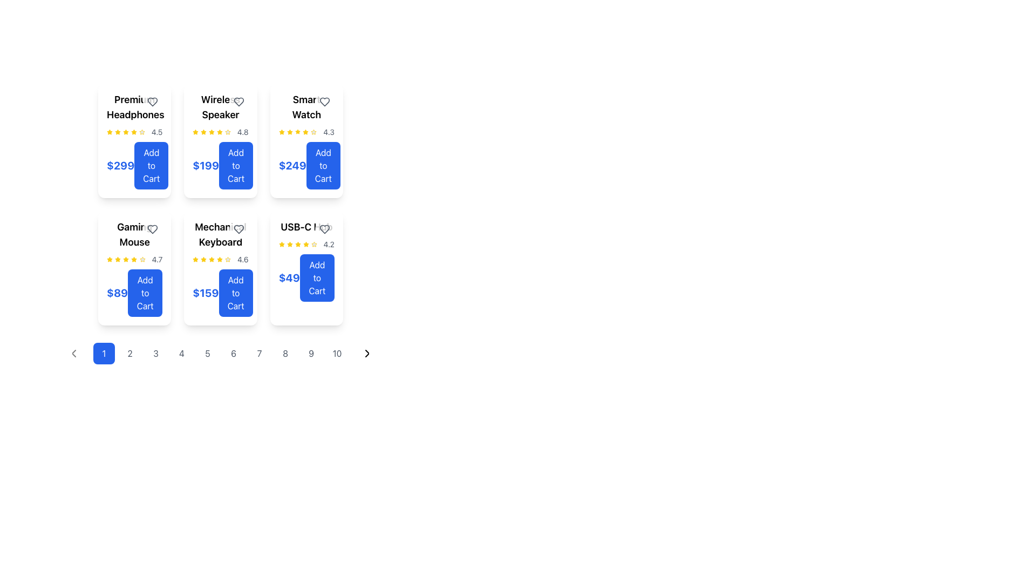 This screenshot has width=1036, height=583. What do you see at coordinates (219, 132) in the screenshot?
I see `the rating indicator icon located adjacent to the text '4.8' and the fourth star in the Wireless Speaker product card` at bounding box center [219, 132].